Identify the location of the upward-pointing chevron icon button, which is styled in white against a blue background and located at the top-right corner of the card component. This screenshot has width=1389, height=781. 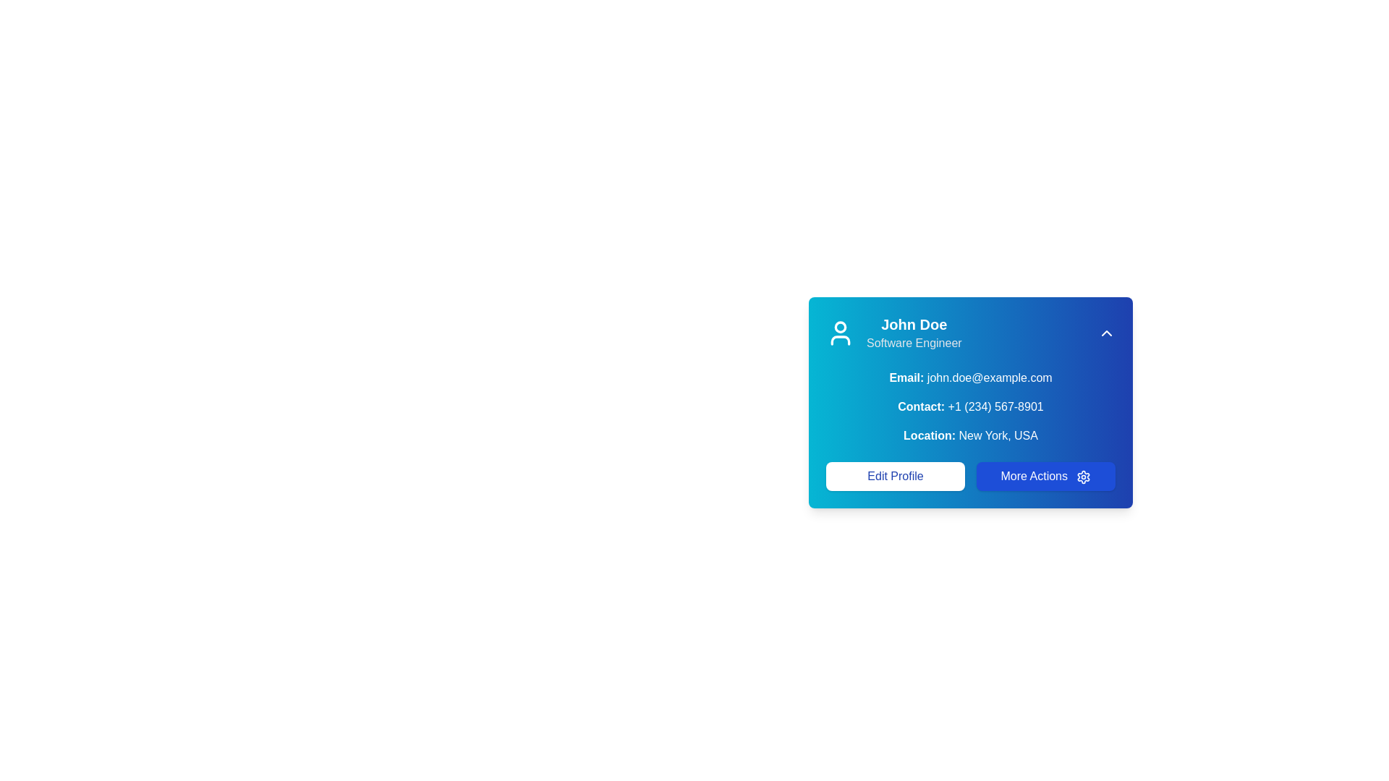
(1106, 333).